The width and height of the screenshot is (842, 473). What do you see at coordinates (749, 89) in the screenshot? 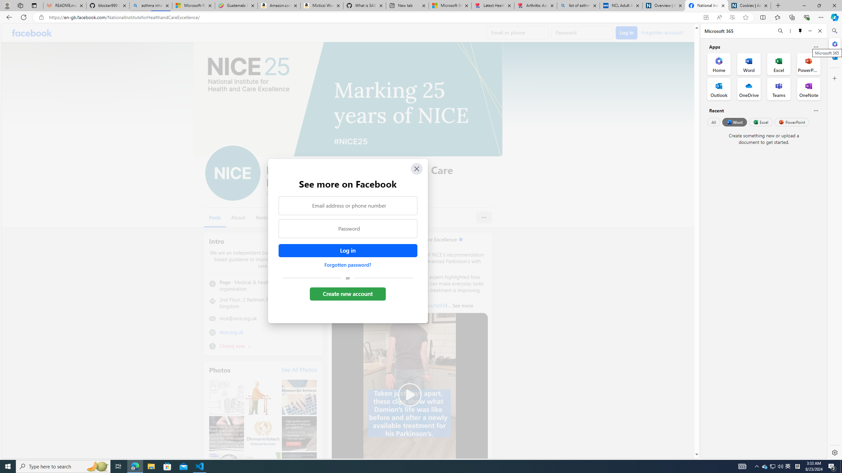
I see `'OneDrive Office App'` at bounding box center [749, 89].